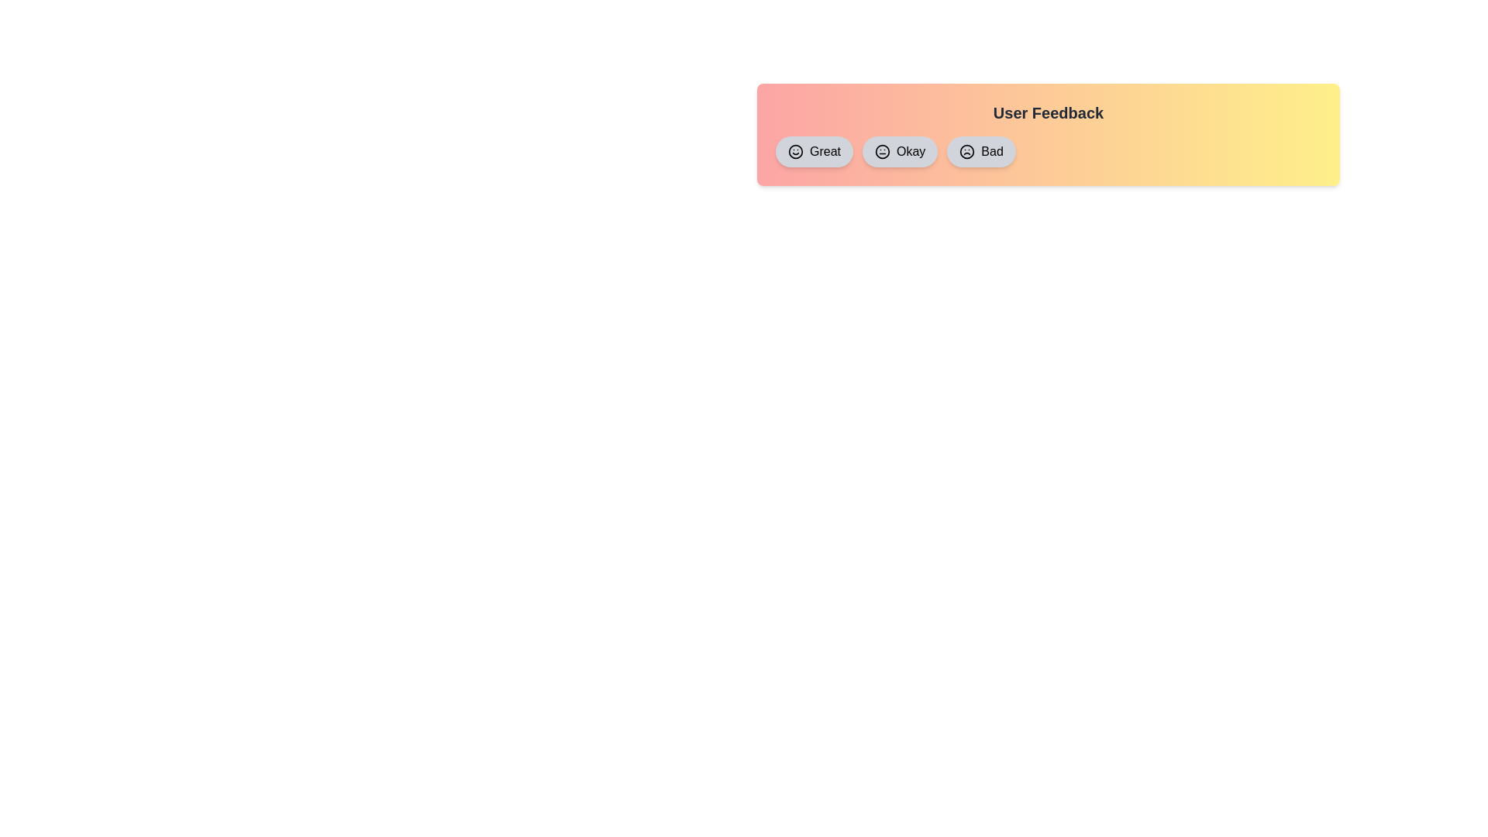  What do you see at coordinates (980, 152) in the screenshot?
I see `the 'Bad' feedback chip to toggle its selection` at bounding box center [980, 152].